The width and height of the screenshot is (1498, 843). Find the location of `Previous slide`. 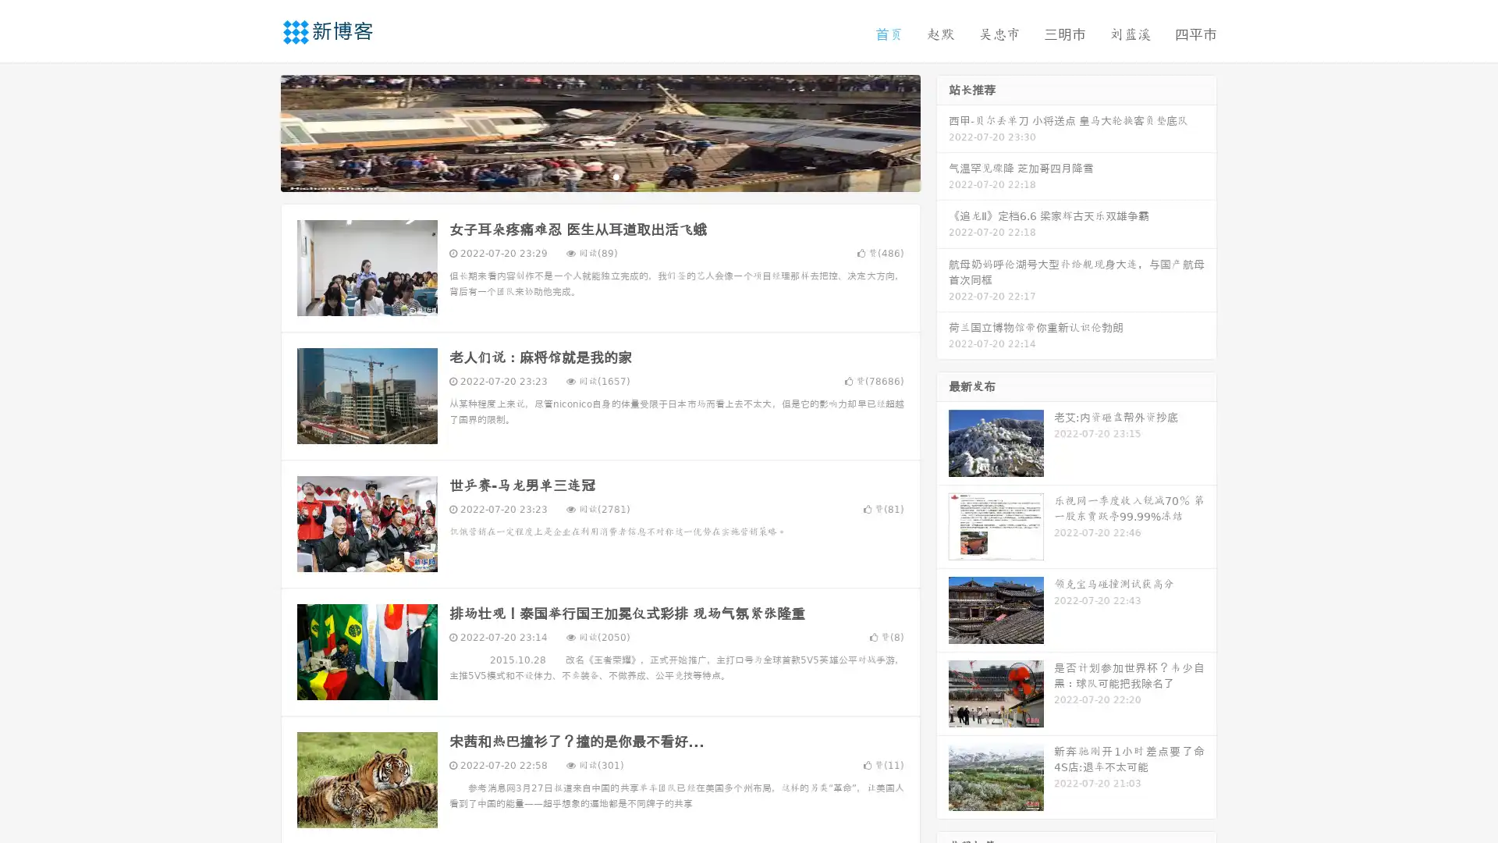

Previous slide is located at coordinates (257, 131).